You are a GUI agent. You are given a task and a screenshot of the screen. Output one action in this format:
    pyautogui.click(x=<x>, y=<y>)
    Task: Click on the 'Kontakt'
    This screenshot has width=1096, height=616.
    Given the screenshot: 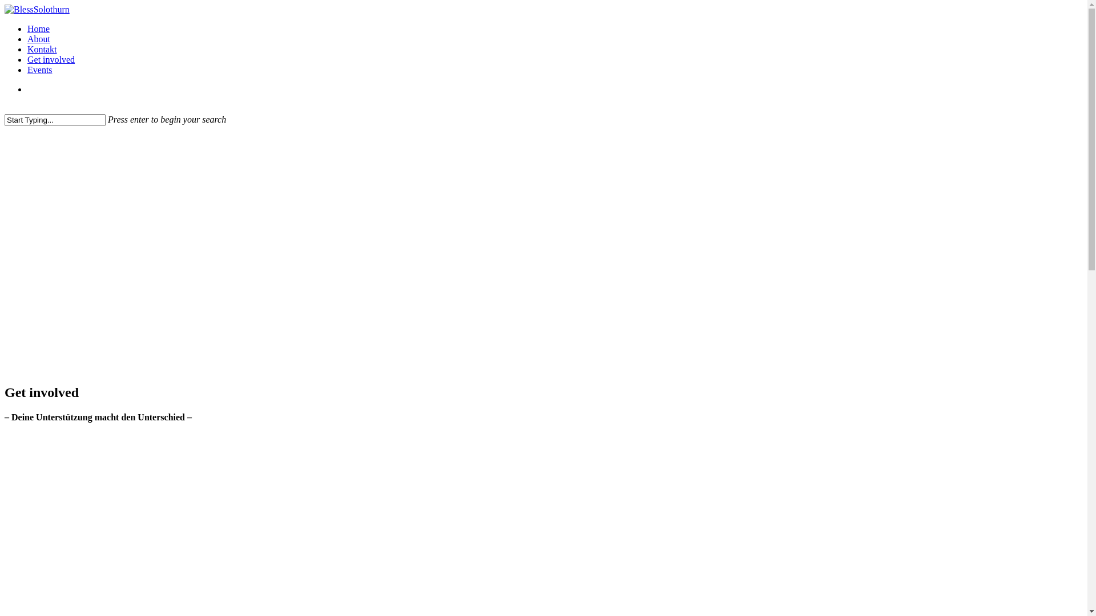 What is the action you would take?
    pyautogui.click(x=27, y=48)
    